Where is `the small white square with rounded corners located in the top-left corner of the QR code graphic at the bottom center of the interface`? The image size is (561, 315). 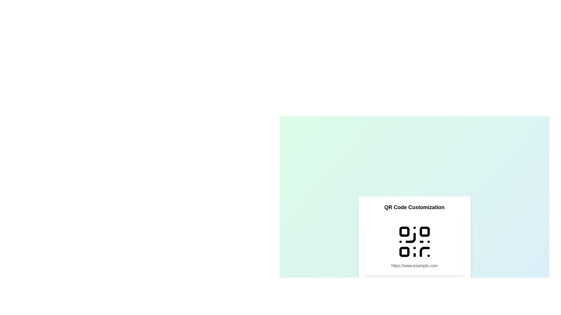
the small white square with rounded corners located in the top-left corner of the QR code graphic at the bottom center of the interface is located at coordinates (404, 231).